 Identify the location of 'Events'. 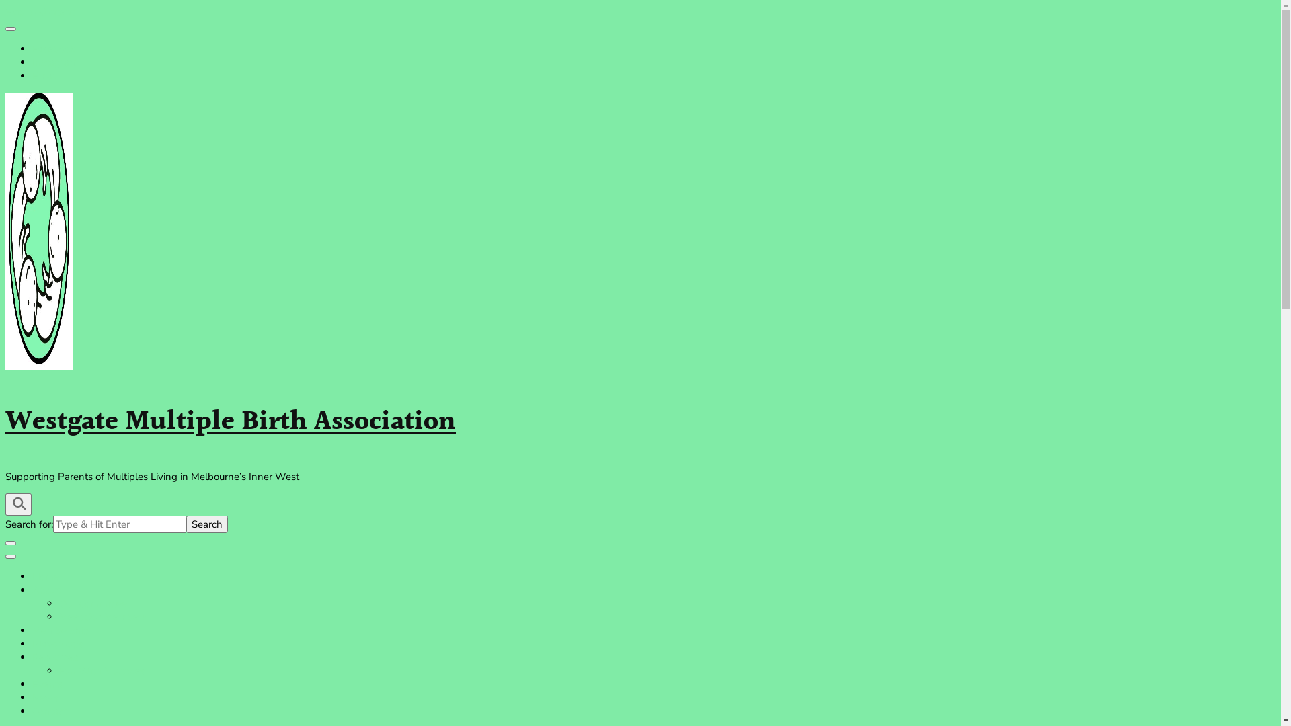
(48, 684).